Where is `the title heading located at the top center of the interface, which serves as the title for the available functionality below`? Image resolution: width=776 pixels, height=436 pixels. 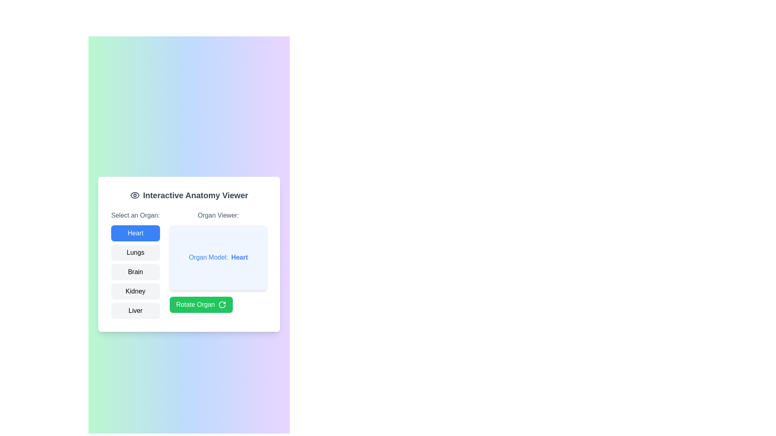
the title heading located at the top center of the interface, which serves as the title for the available functionality below is located at coordinates (188, 195).